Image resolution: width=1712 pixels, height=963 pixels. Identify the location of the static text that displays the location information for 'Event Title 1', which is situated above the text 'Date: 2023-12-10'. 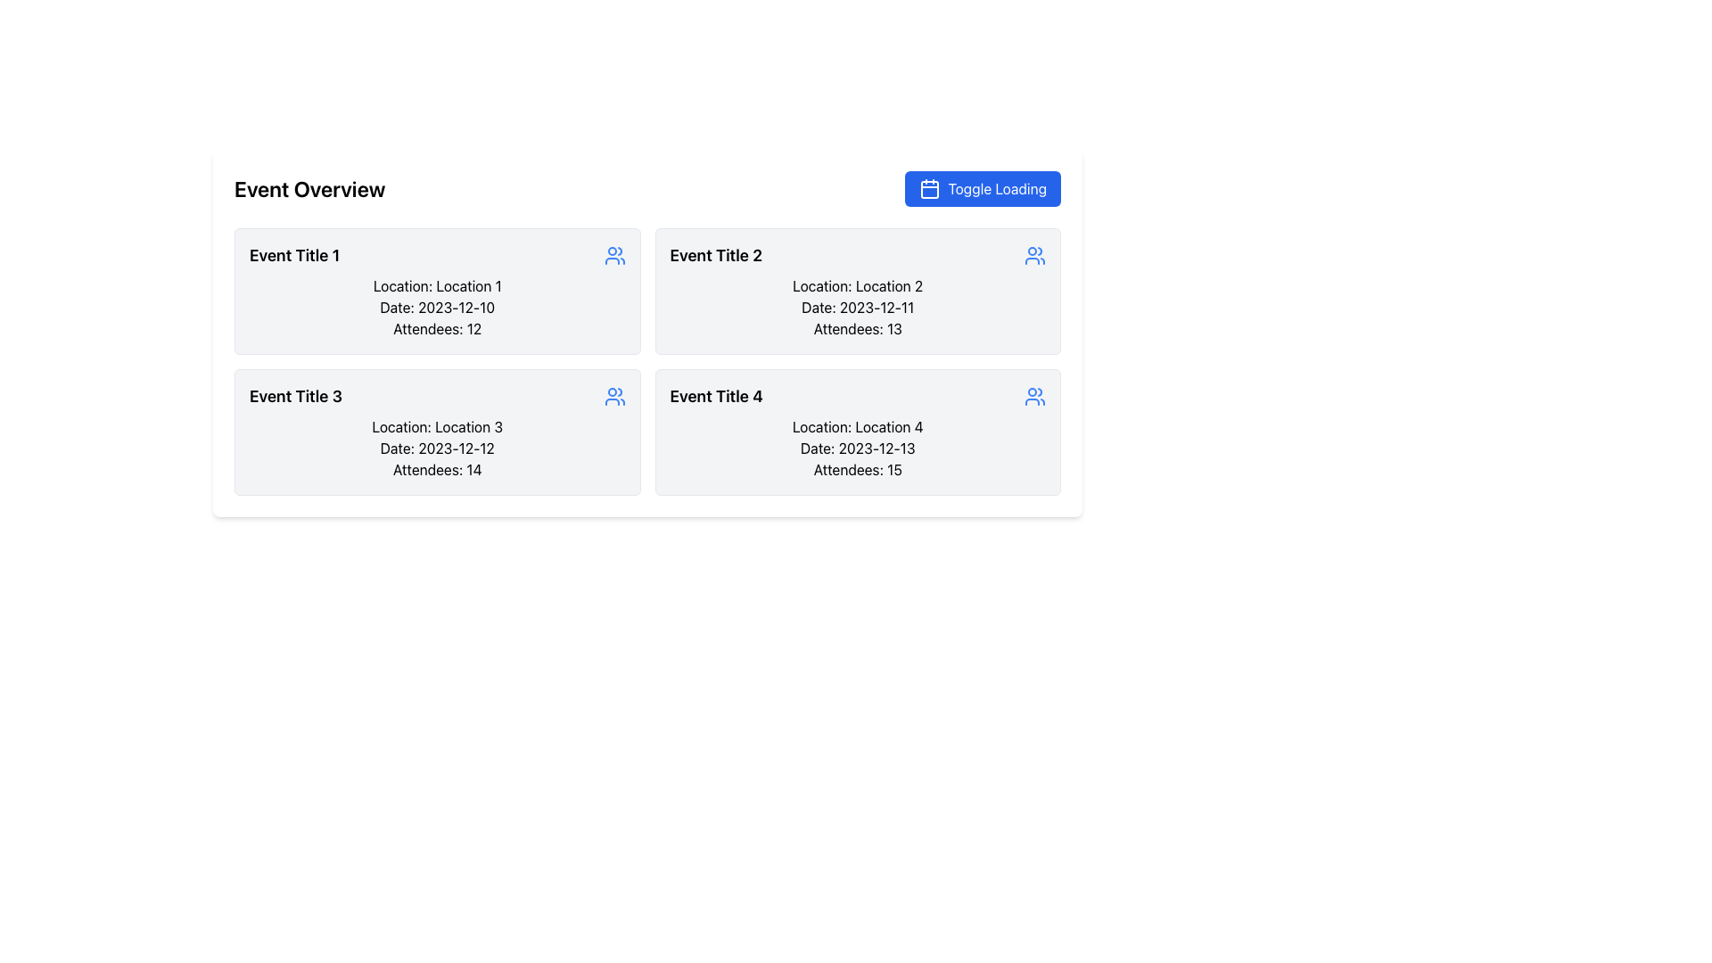
(437, 284).